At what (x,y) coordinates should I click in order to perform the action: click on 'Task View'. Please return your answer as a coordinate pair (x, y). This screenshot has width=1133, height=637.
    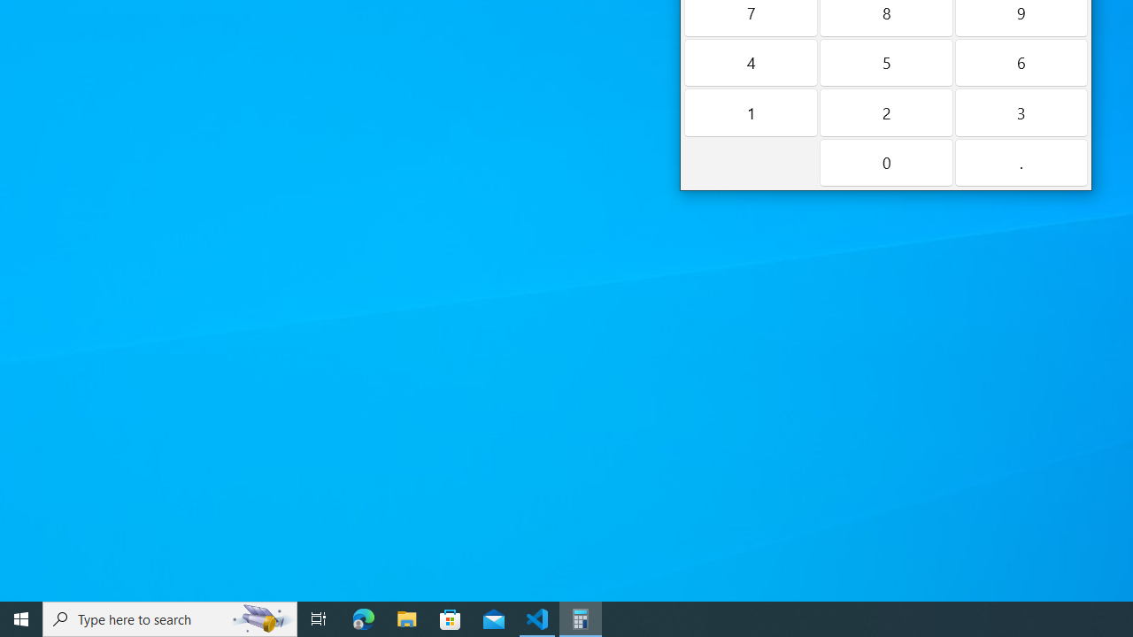
    Looking at the image, I should click on (318, 618).